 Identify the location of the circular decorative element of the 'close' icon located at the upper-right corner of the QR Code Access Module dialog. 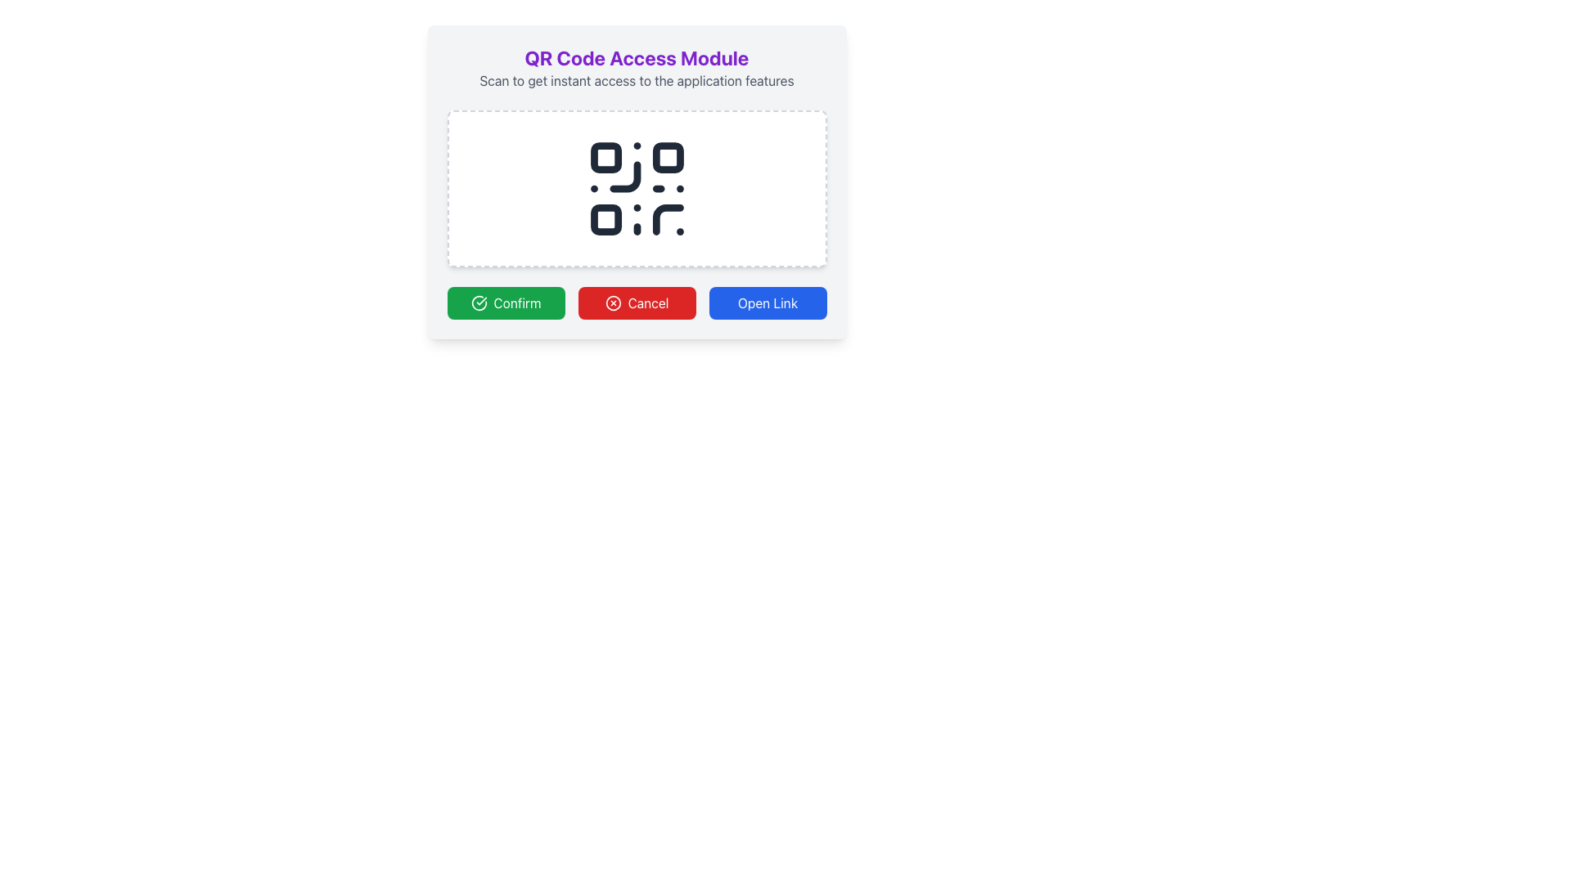
(612, 303).